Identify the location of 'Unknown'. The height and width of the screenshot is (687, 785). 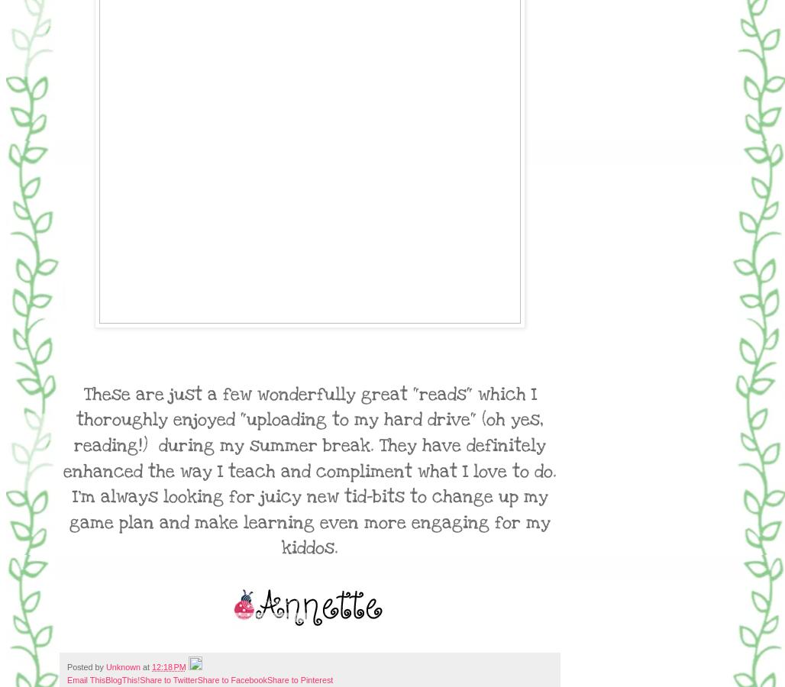
(123, 666).